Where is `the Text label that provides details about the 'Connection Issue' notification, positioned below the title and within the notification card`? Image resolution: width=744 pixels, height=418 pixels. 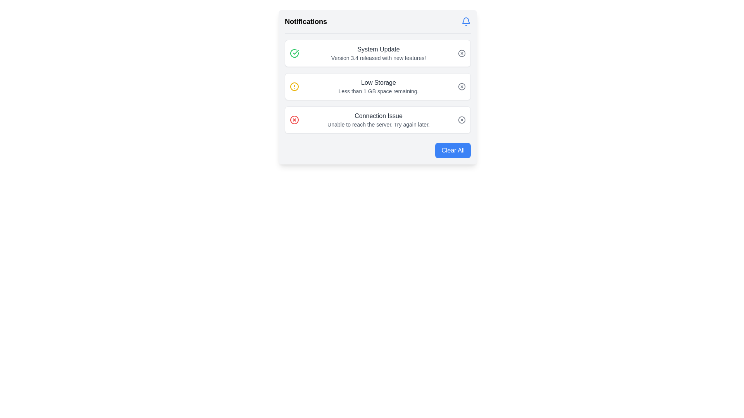 the Text label that provides details about the 'Connection Issue' notification, positioned below the title and within the notification card is located at coordinates (379, 124).